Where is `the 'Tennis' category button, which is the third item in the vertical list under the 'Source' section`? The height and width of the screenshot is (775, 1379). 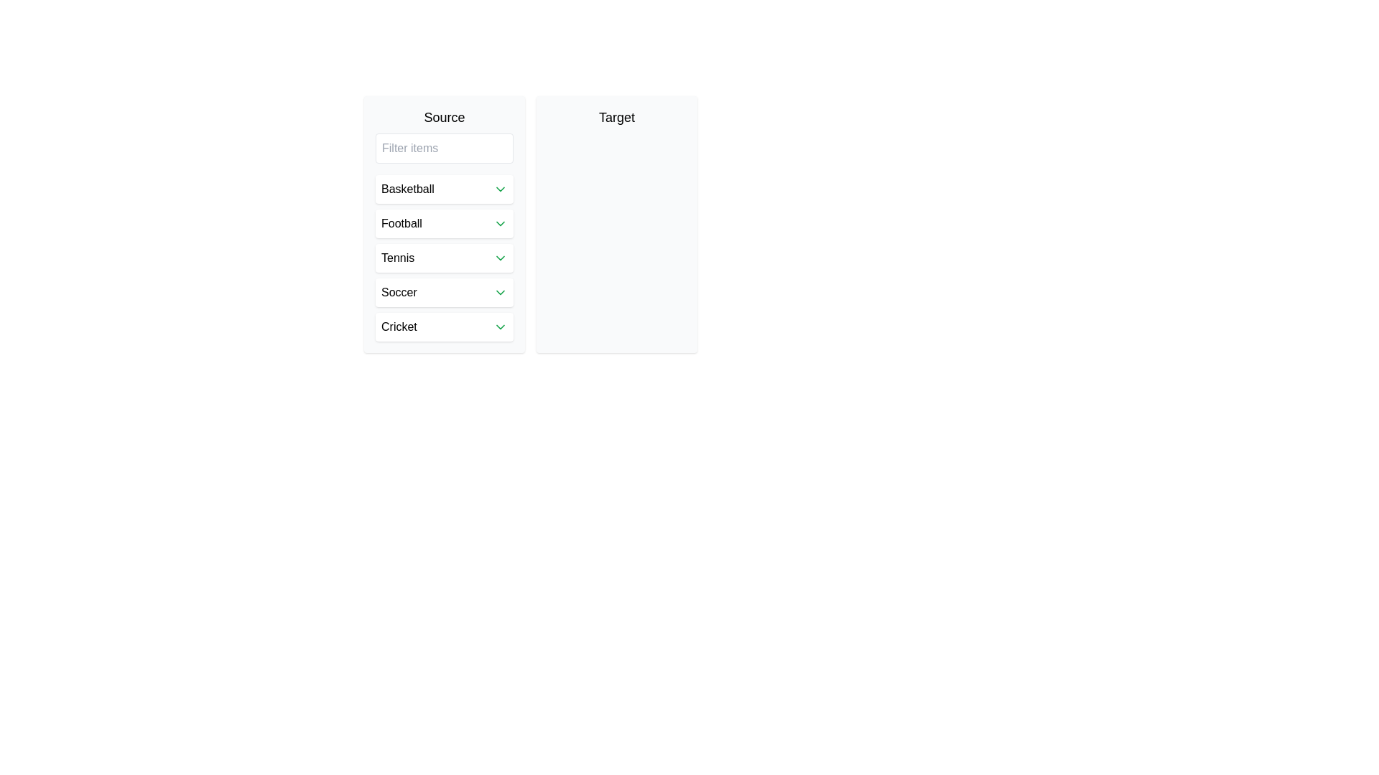 the 'Tennis' category button, which is the third item in the vertical list under the 'Source' section is located at coordinates (444, 257).